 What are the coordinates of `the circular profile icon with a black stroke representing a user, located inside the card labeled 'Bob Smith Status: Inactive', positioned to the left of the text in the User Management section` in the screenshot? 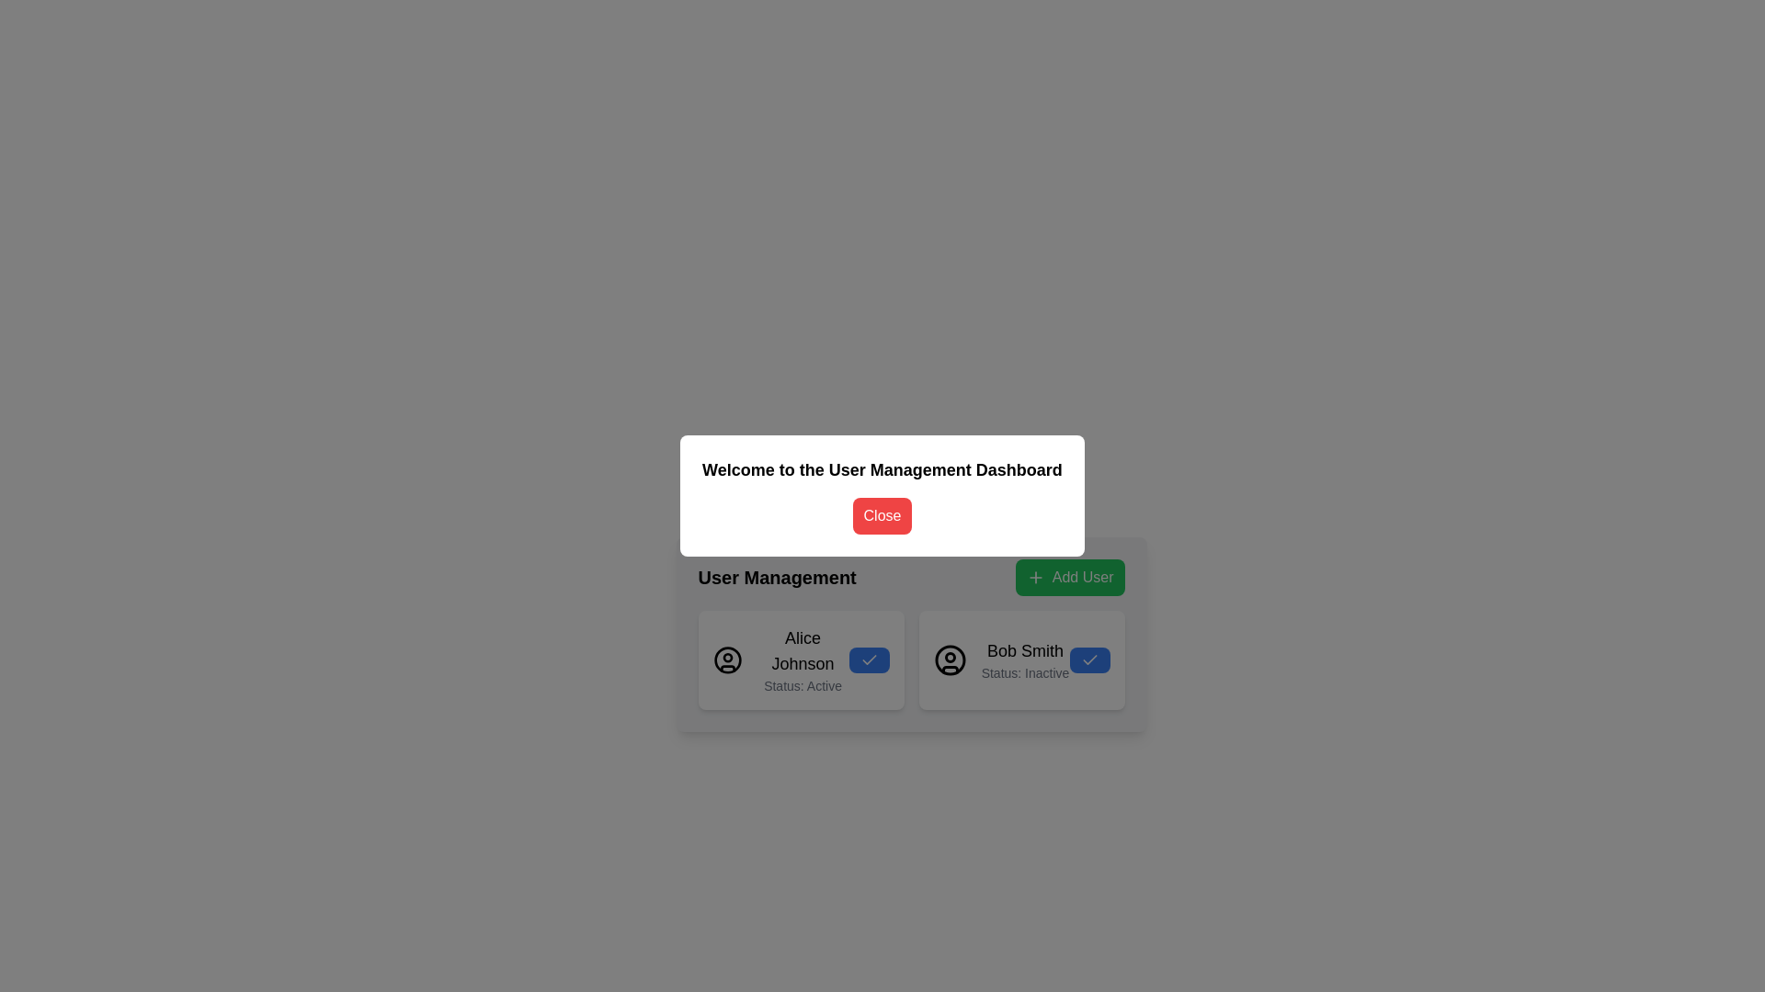 It's located at (950, 659).